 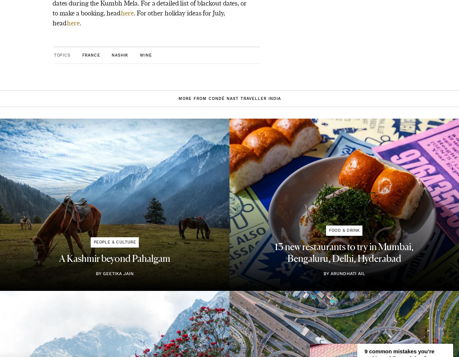 I want to click on '. For other holiday ideas for July, head', so click(x=52, y=18).